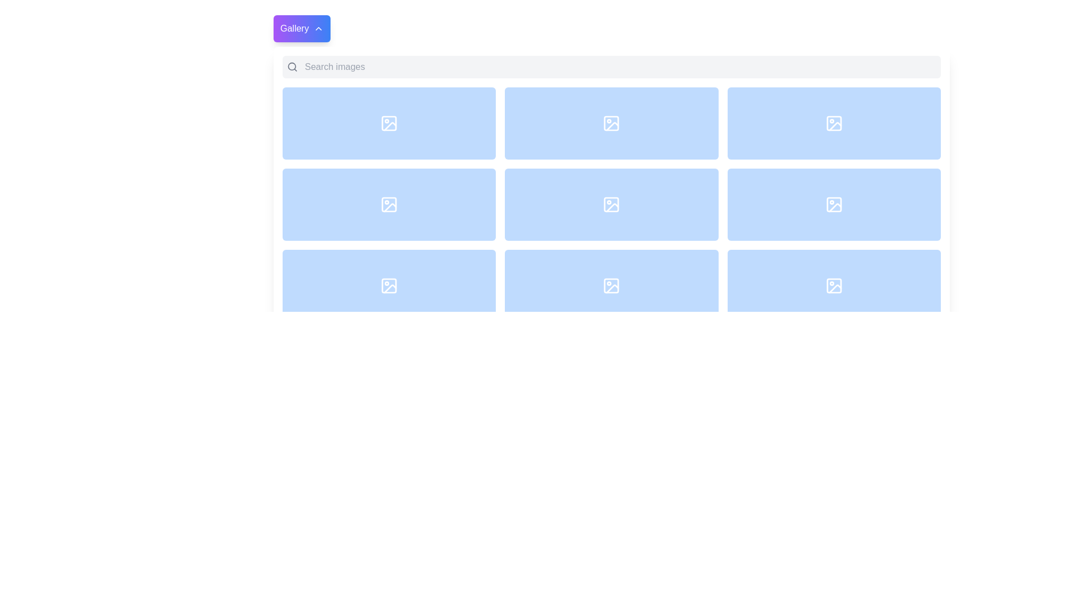  I want to click on the image icon located in the second row and third column of a 3x4 grid layout, which is centered in a blue rectangular card with rounded borders, so click(834, 123).